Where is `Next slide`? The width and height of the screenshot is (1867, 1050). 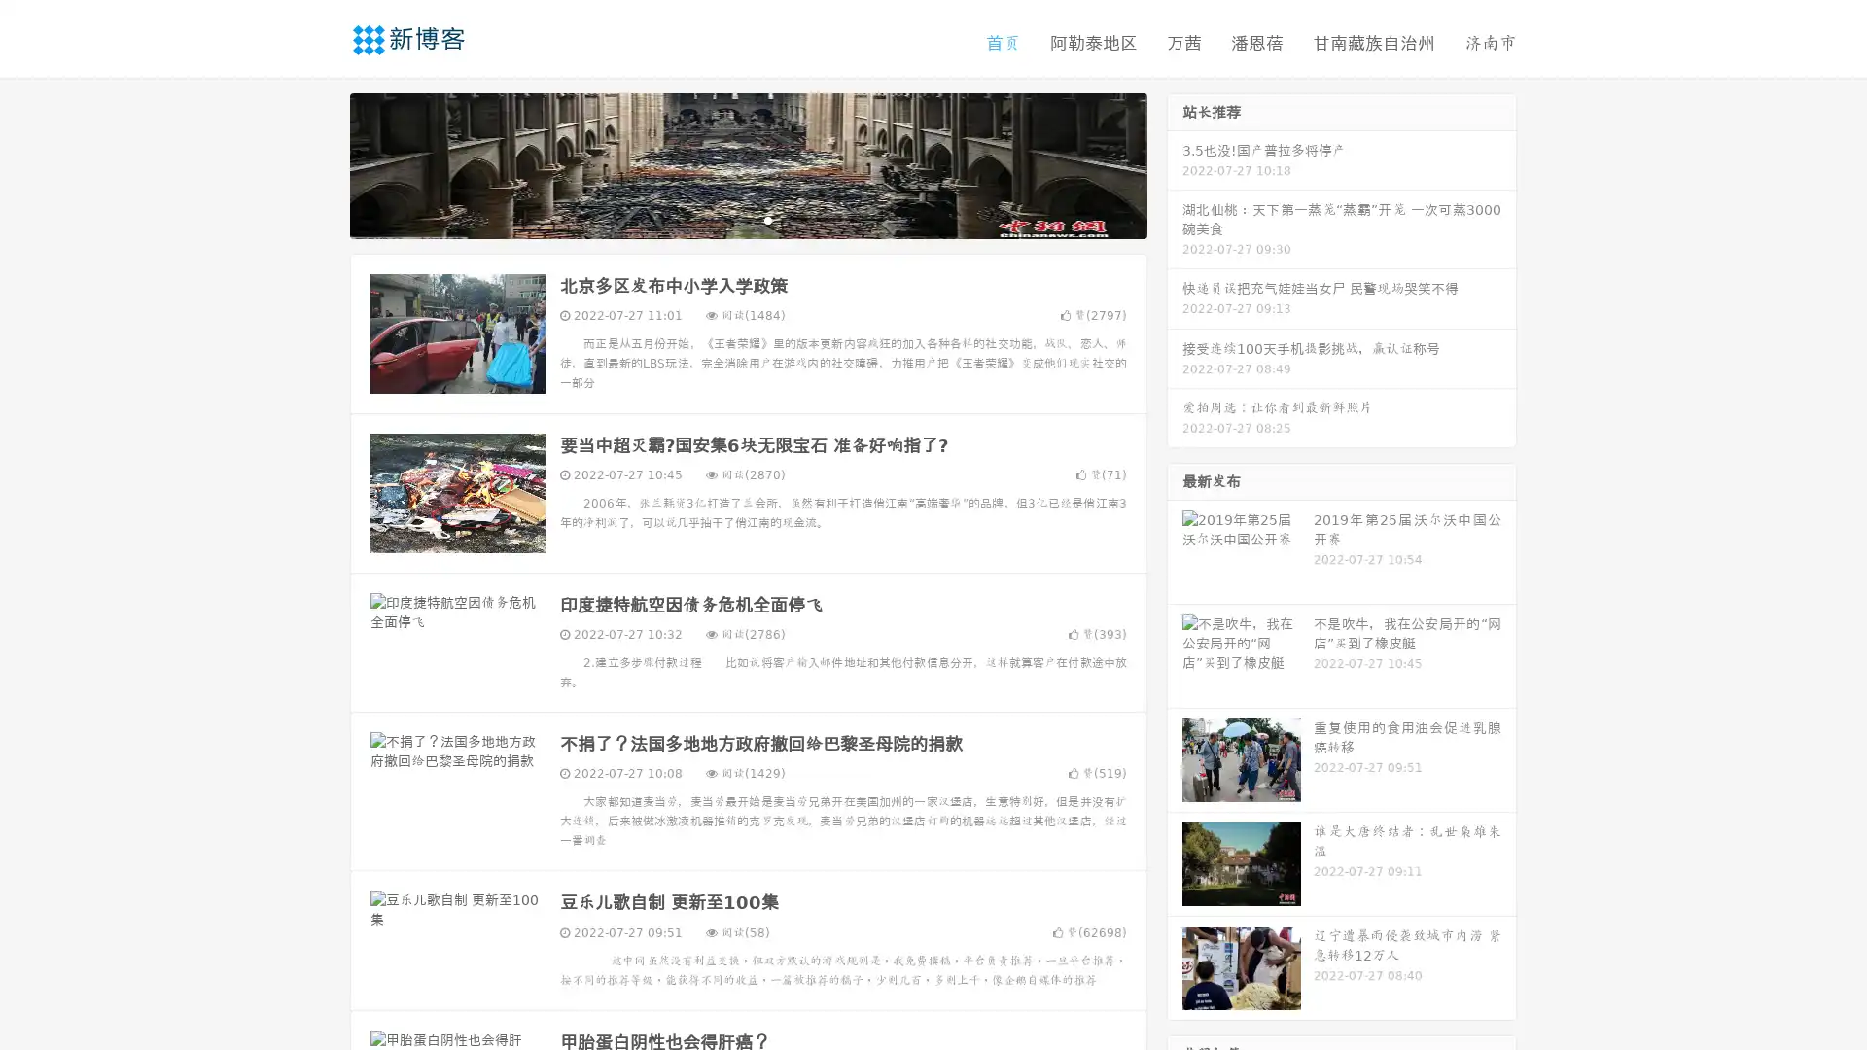
Next slide is located at coordinates (1175, 163).